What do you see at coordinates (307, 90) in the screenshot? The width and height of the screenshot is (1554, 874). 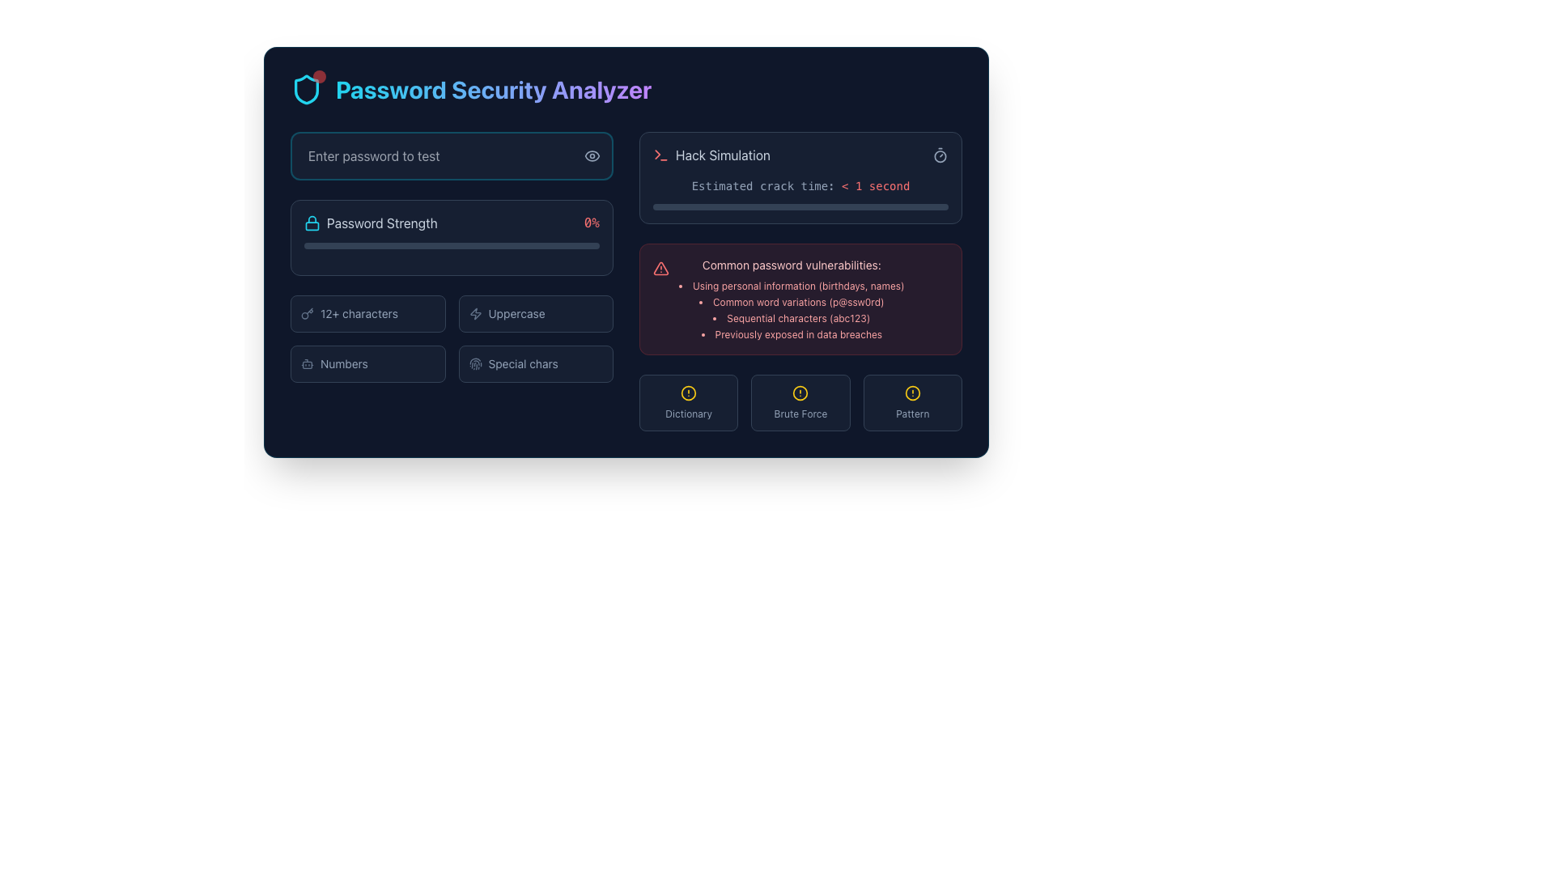 I see `the decorative security icon located in the top-left corner of the application, to the left of the 'Password Security Analyzer' title` at bounding box center [307, 90].